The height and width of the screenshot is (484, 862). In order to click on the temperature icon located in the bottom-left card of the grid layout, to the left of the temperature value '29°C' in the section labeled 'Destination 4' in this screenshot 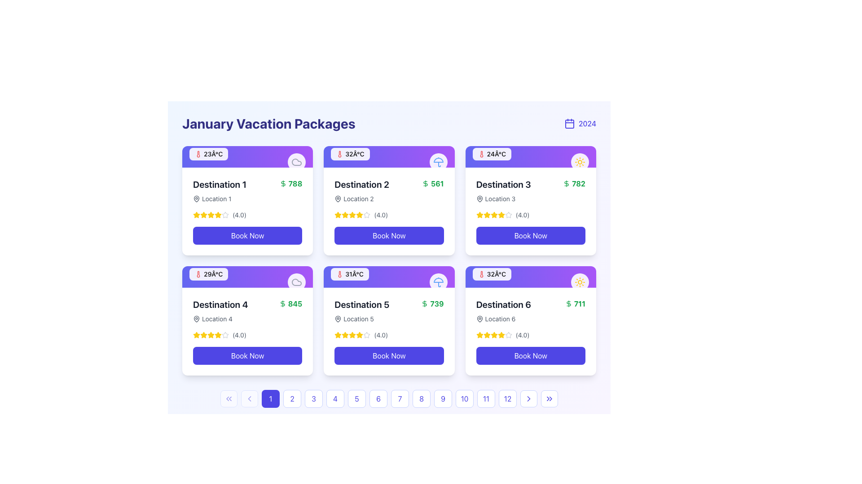, I will do `click(198, 274)`.